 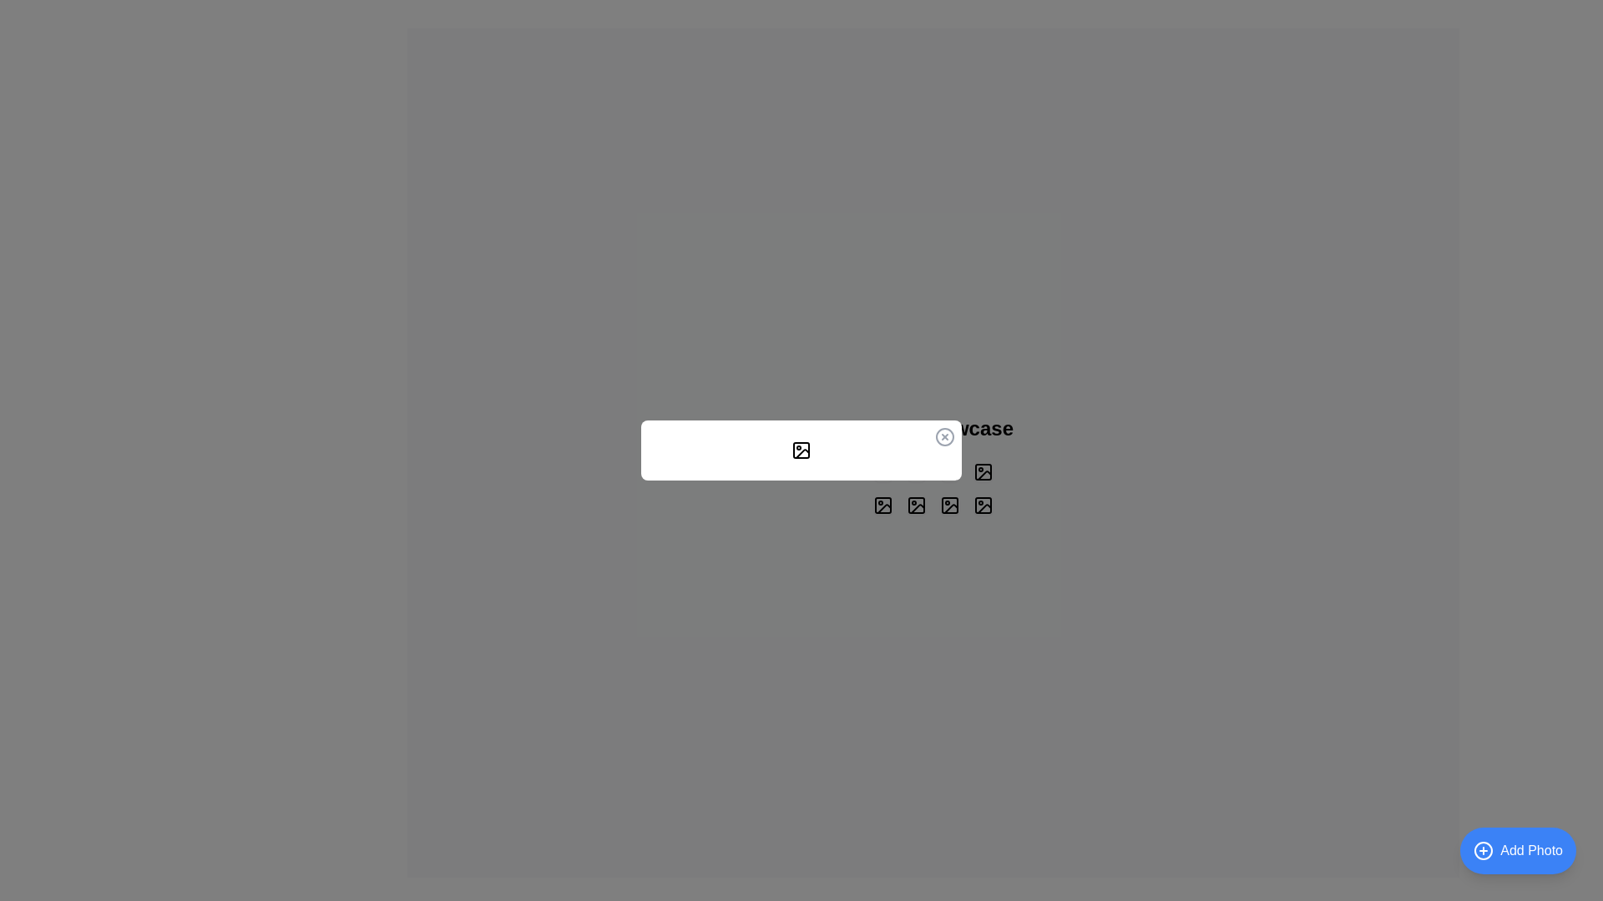 I want to click on the circular zoom-in button with a black background and white magnifying glass icon, so click(x=983, y=504).